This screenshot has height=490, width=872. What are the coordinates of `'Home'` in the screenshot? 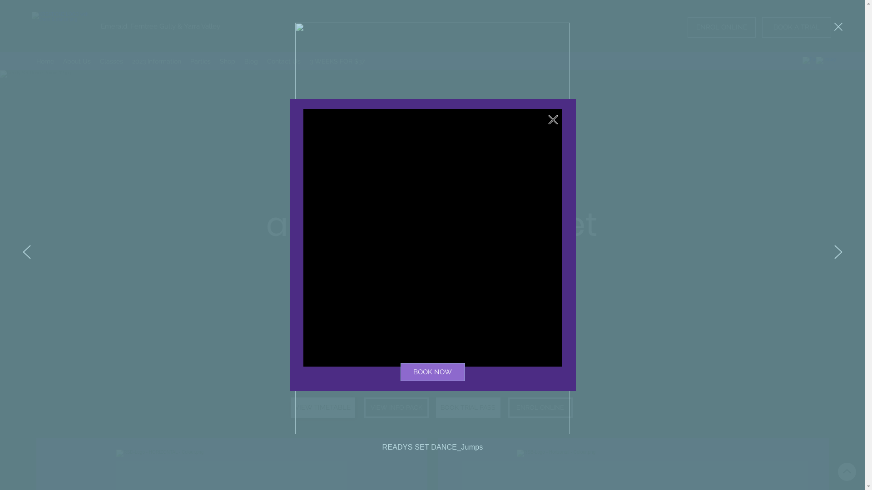 It's located at (32, 61).